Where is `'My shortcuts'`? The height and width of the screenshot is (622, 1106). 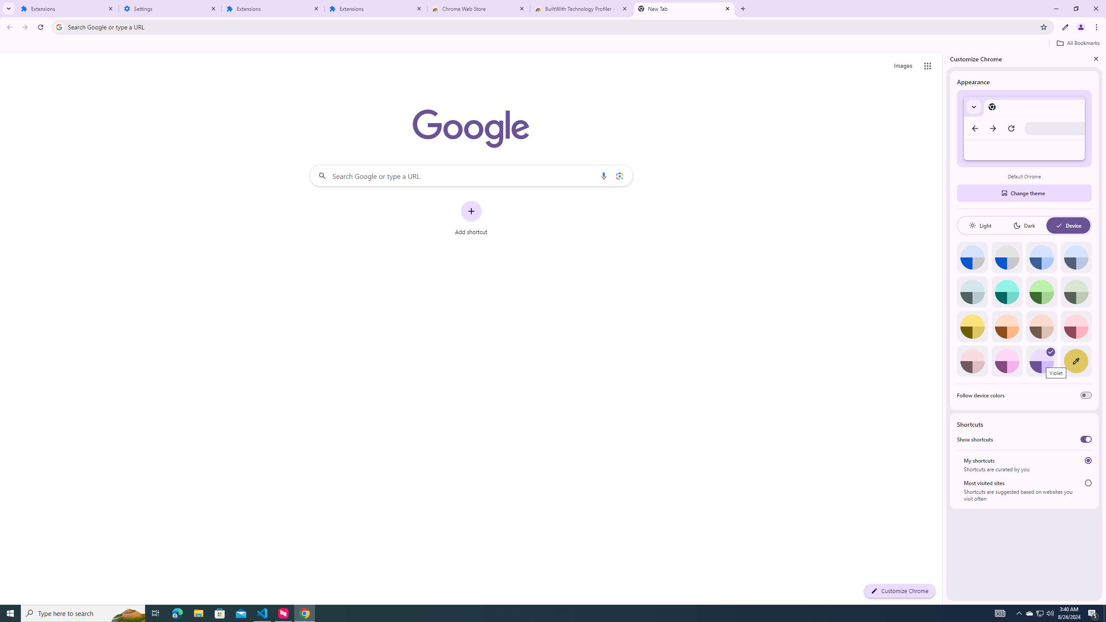 'My shortcuts' is located at coordinates (1088, 460).